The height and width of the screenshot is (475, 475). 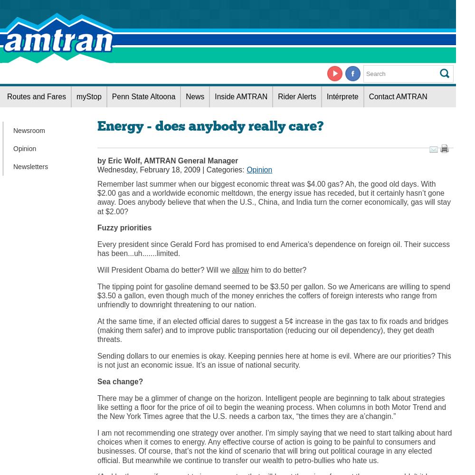 I want to click on 'I am not recommending one strategy over another. I’m simply saying that we need to start talking about hard choices when it comes to energy. Any effective course of action is going to be painful to consumers and businesses. Of course, that’s not the kind of scenario that will bring out political courage in any elected official. But meanwhile we continue to transfer our wealth to petro-bullies who hate us.', so click(x=274, y=446).